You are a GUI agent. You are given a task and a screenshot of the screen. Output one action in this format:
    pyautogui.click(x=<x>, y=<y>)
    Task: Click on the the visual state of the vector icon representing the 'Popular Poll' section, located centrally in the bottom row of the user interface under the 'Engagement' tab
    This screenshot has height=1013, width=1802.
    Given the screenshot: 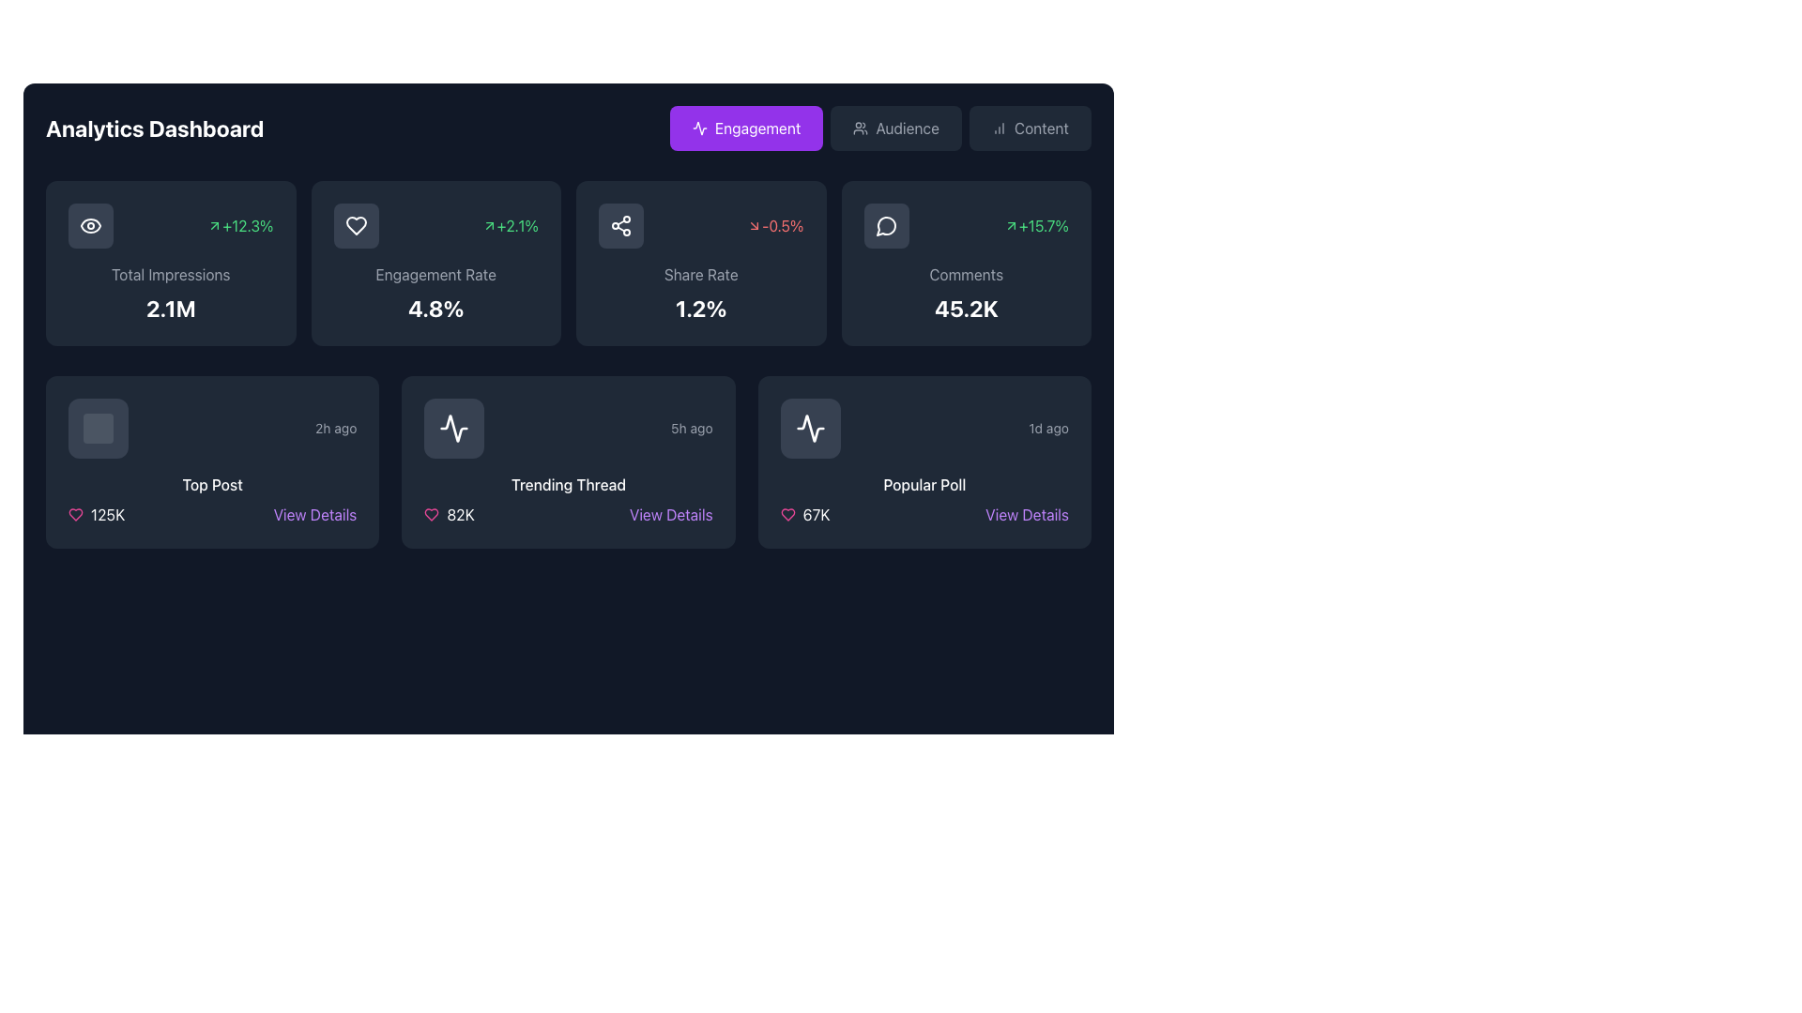 What is the action you would take?
    pyautogui.click(x=810, y=428)
    